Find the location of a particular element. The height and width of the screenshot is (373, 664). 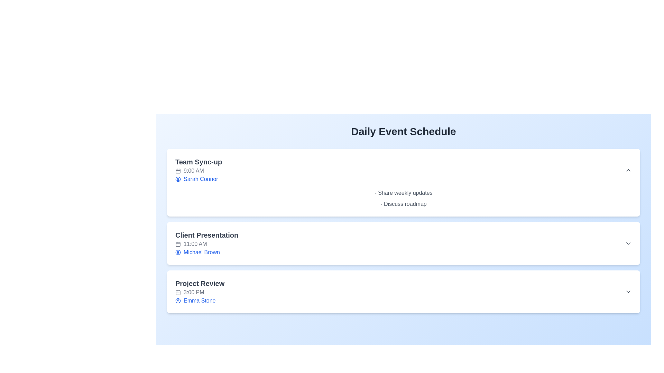

the calendar icon located to the far left in the 'Client Presentation' block, aligned with the '11:00 AM' time text is located at coordinates (178, 243).